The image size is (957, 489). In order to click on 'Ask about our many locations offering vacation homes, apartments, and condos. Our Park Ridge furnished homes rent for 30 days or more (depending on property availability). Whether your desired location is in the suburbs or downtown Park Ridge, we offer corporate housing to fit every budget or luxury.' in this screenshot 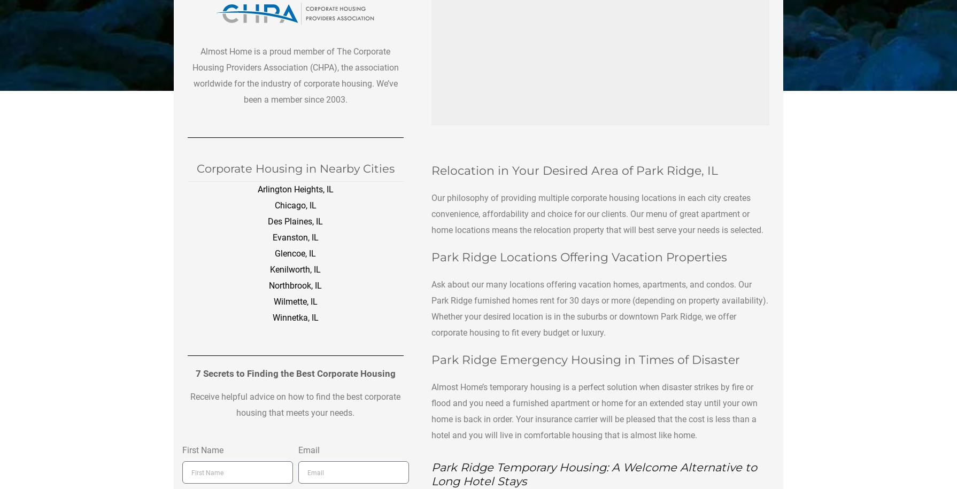, I will do `click(599, 307)`.